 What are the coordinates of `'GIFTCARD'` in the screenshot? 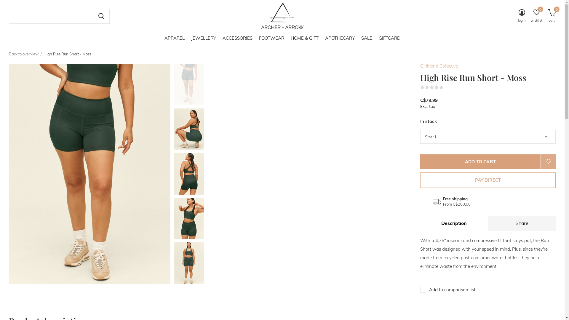 It's located at (389, 38).